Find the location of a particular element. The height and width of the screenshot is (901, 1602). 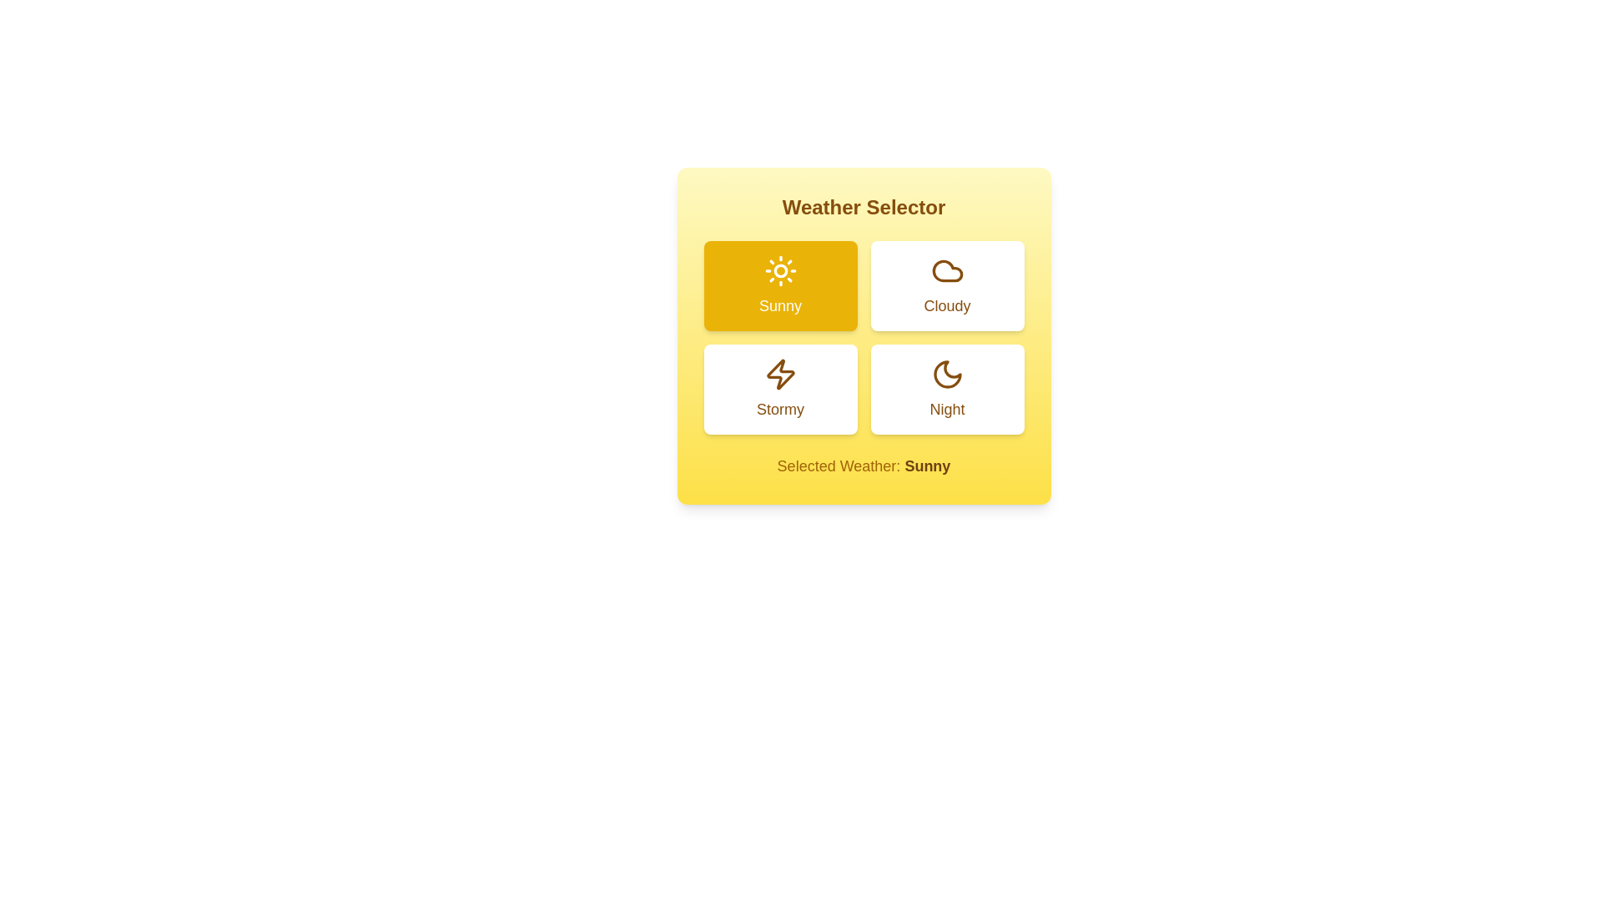

the weather option Night by clicking its corresponding button is located at coordinates (947, 389).